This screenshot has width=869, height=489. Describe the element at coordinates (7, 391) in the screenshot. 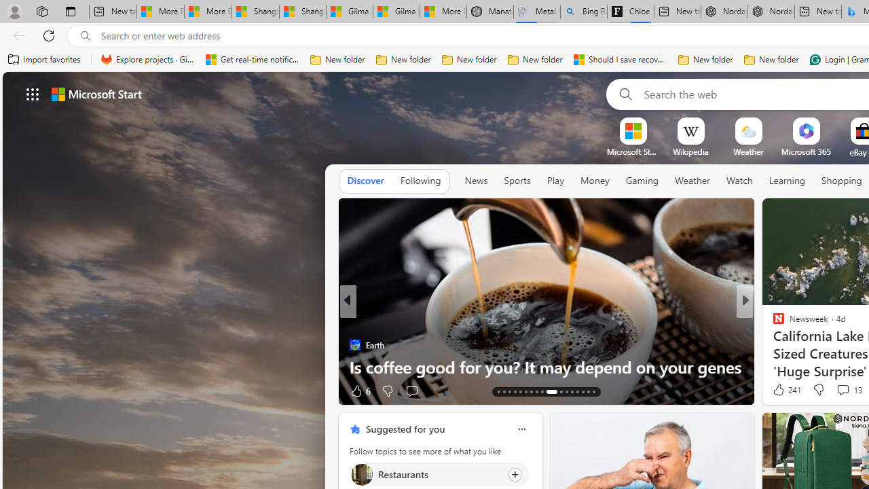

I see `'View comments 405 Comment'` at that location.